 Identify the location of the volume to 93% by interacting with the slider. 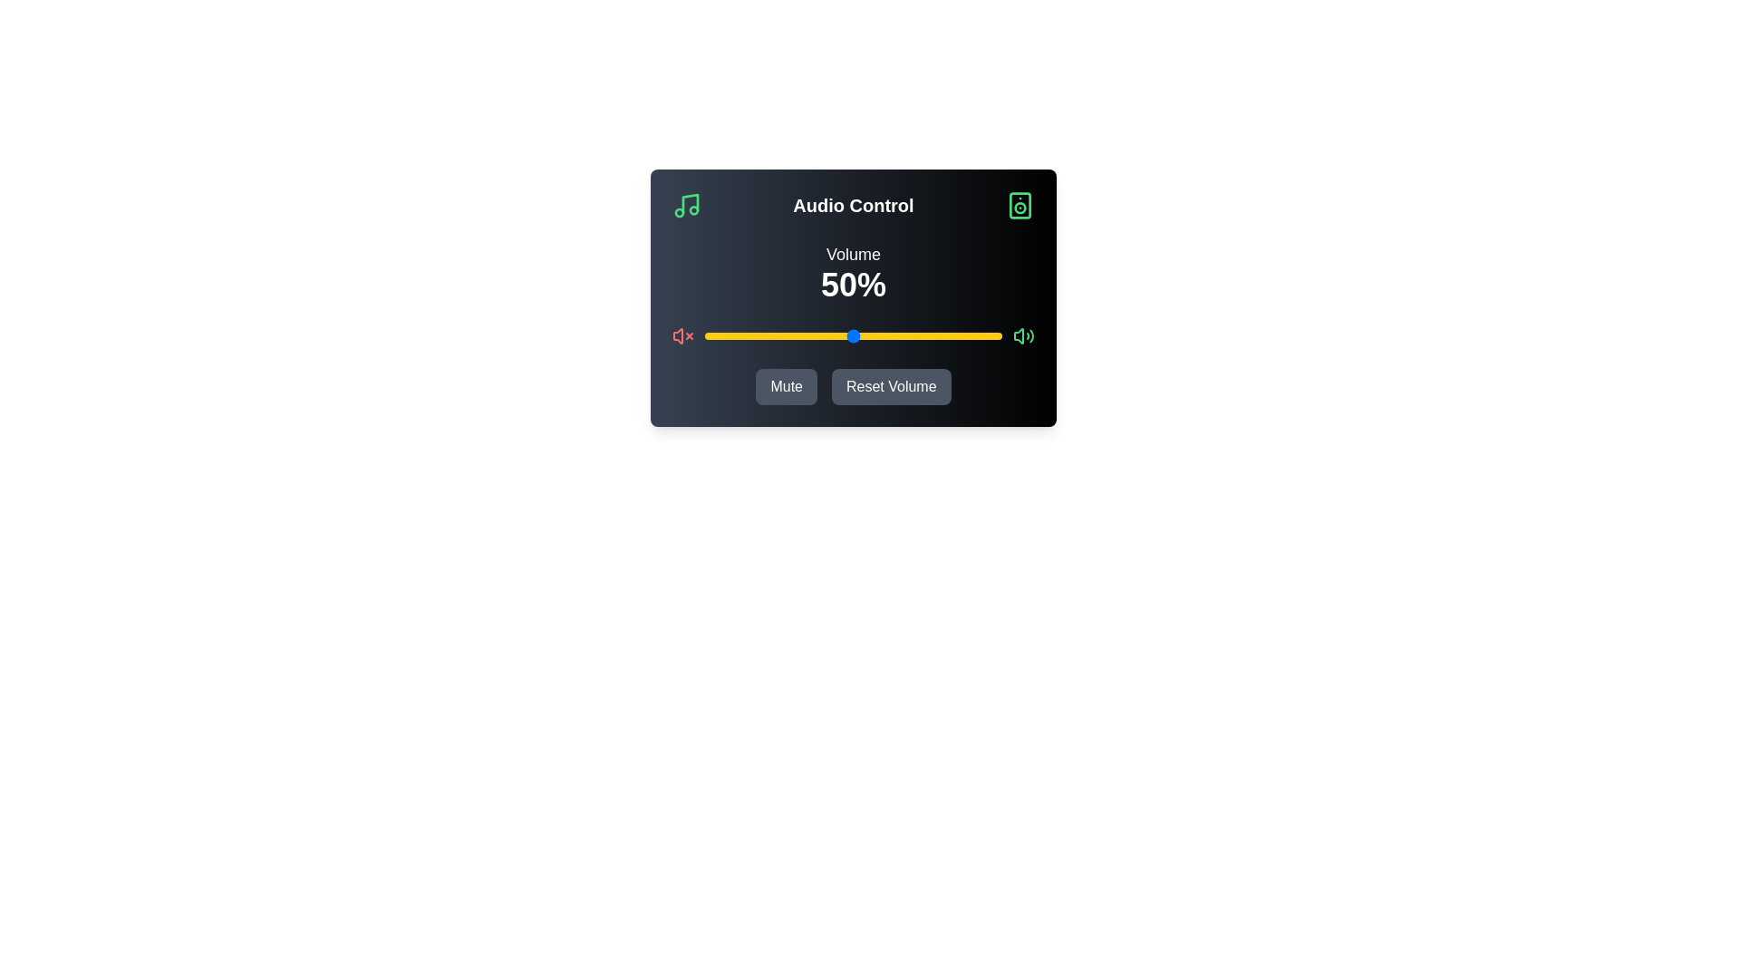
(981, 335).